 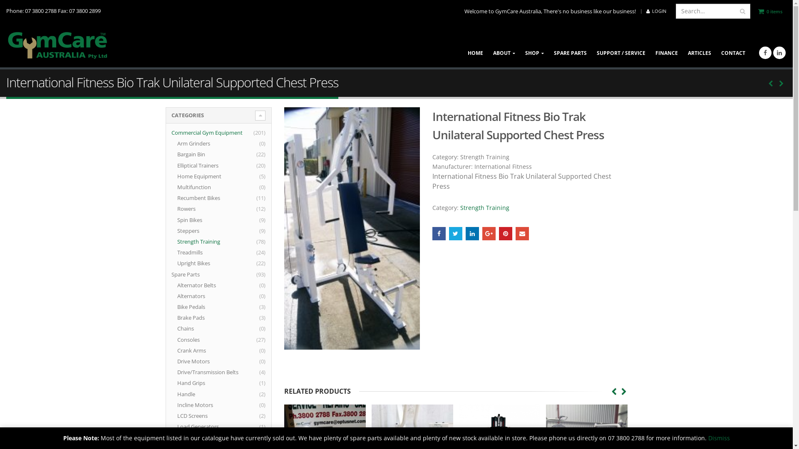 What do you see at coordinates (190, 274) in the screenshot?
I see `'Spare Parts'` at bounding box center [190, 274].